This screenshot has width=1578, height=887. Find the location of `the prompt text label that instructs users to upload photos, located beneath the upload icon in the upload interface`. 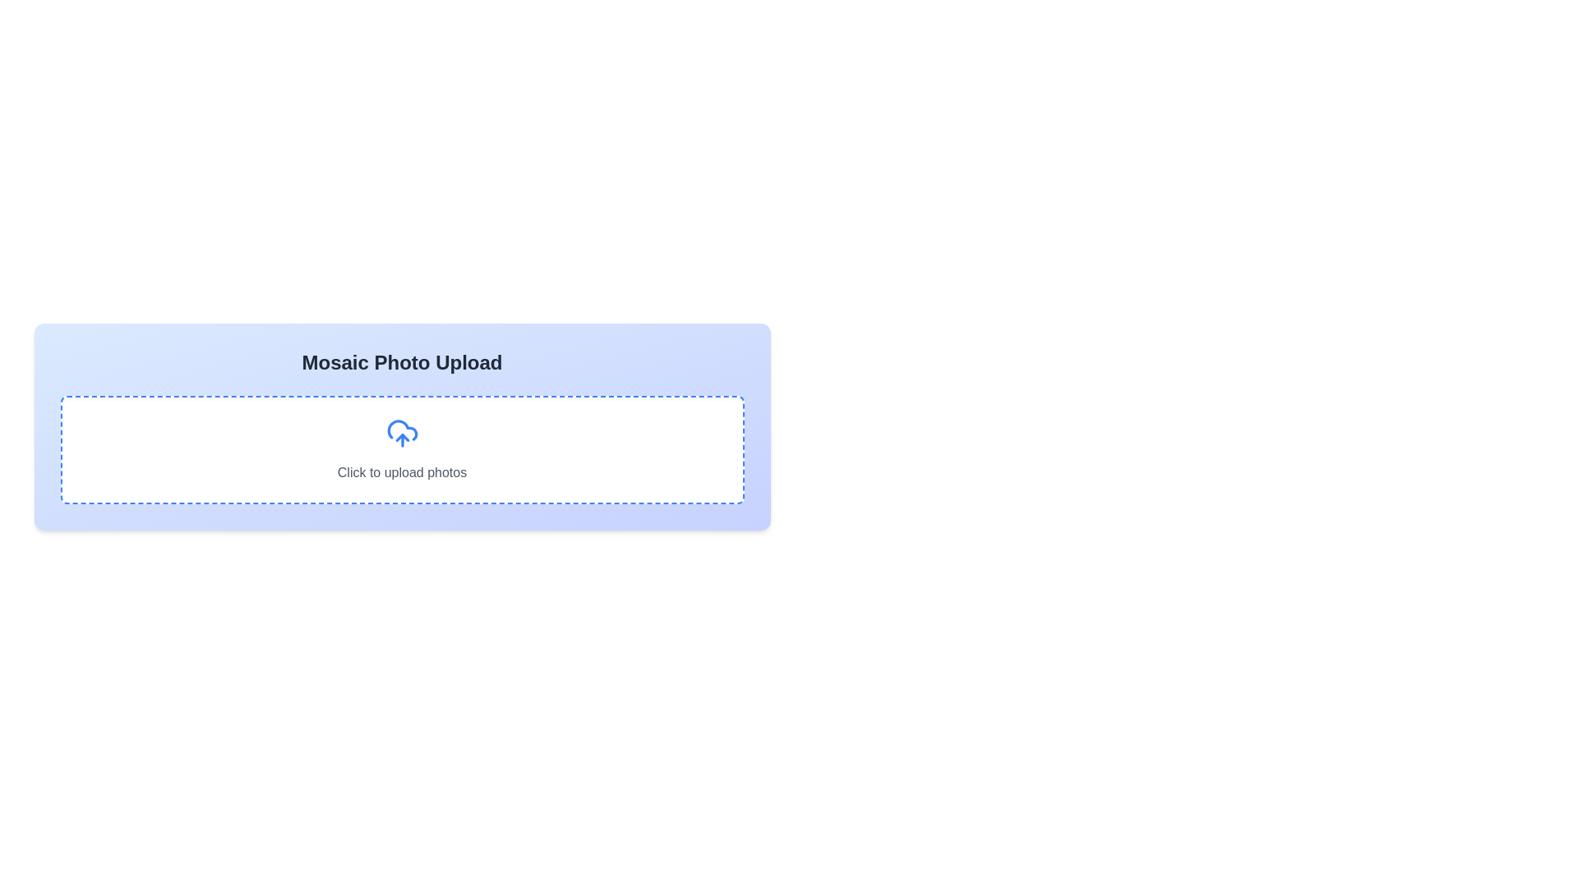

the prompt text label that instructs users to upload photos, located beneath the upload icon in the upload interface is located at coordinates (402, 472).